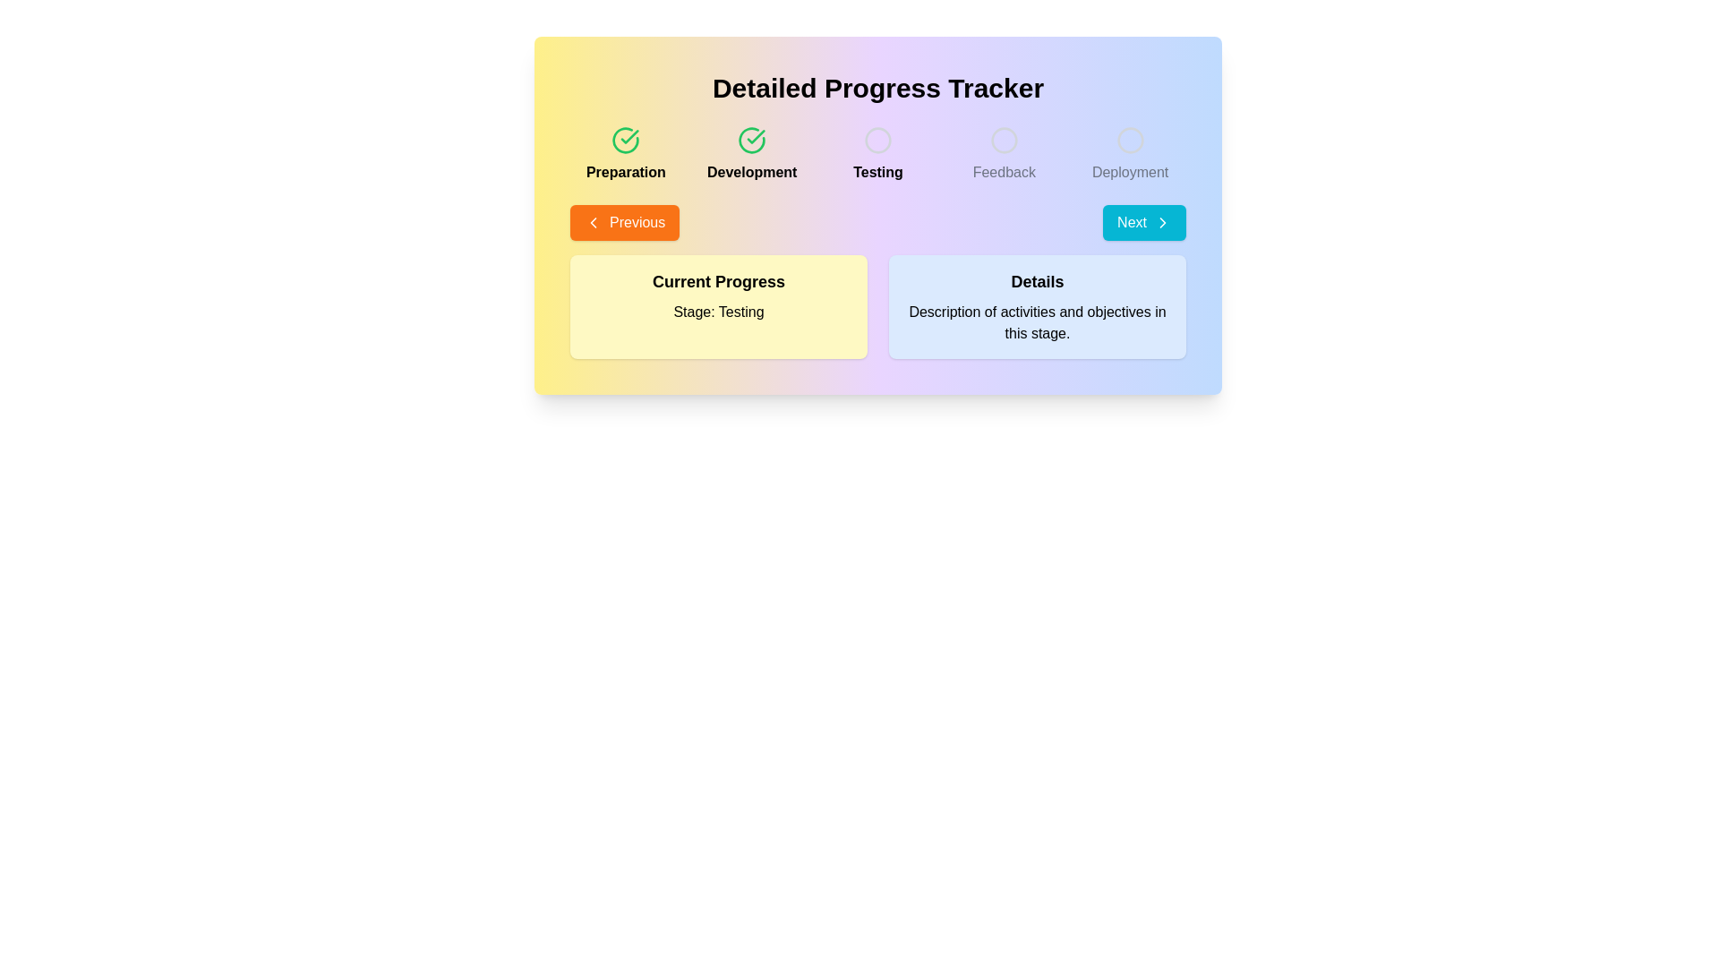  I want to click on the third textual label in the progress tracker that indicates the 'Deployment' stage, located near the top-right of the component, so click(1129, 172).